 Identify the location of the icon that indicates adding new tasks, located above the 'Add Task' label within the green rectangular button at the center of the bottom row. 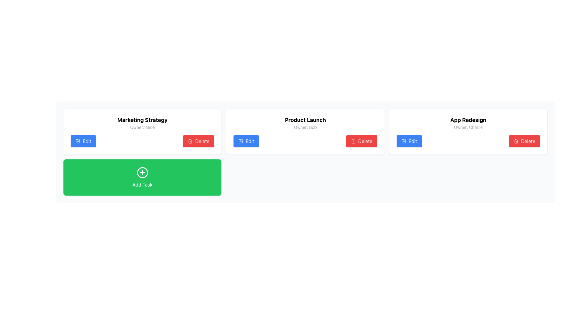
(142, 172).